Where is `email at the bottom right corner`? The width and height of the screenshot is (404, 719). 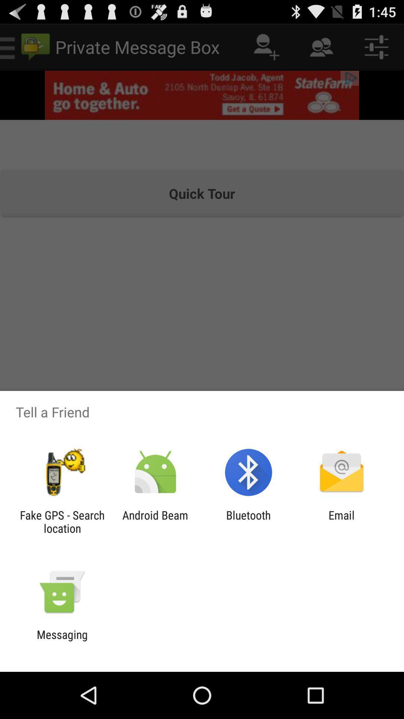
email at the bottom right corner is located at coordinates (342, 521).